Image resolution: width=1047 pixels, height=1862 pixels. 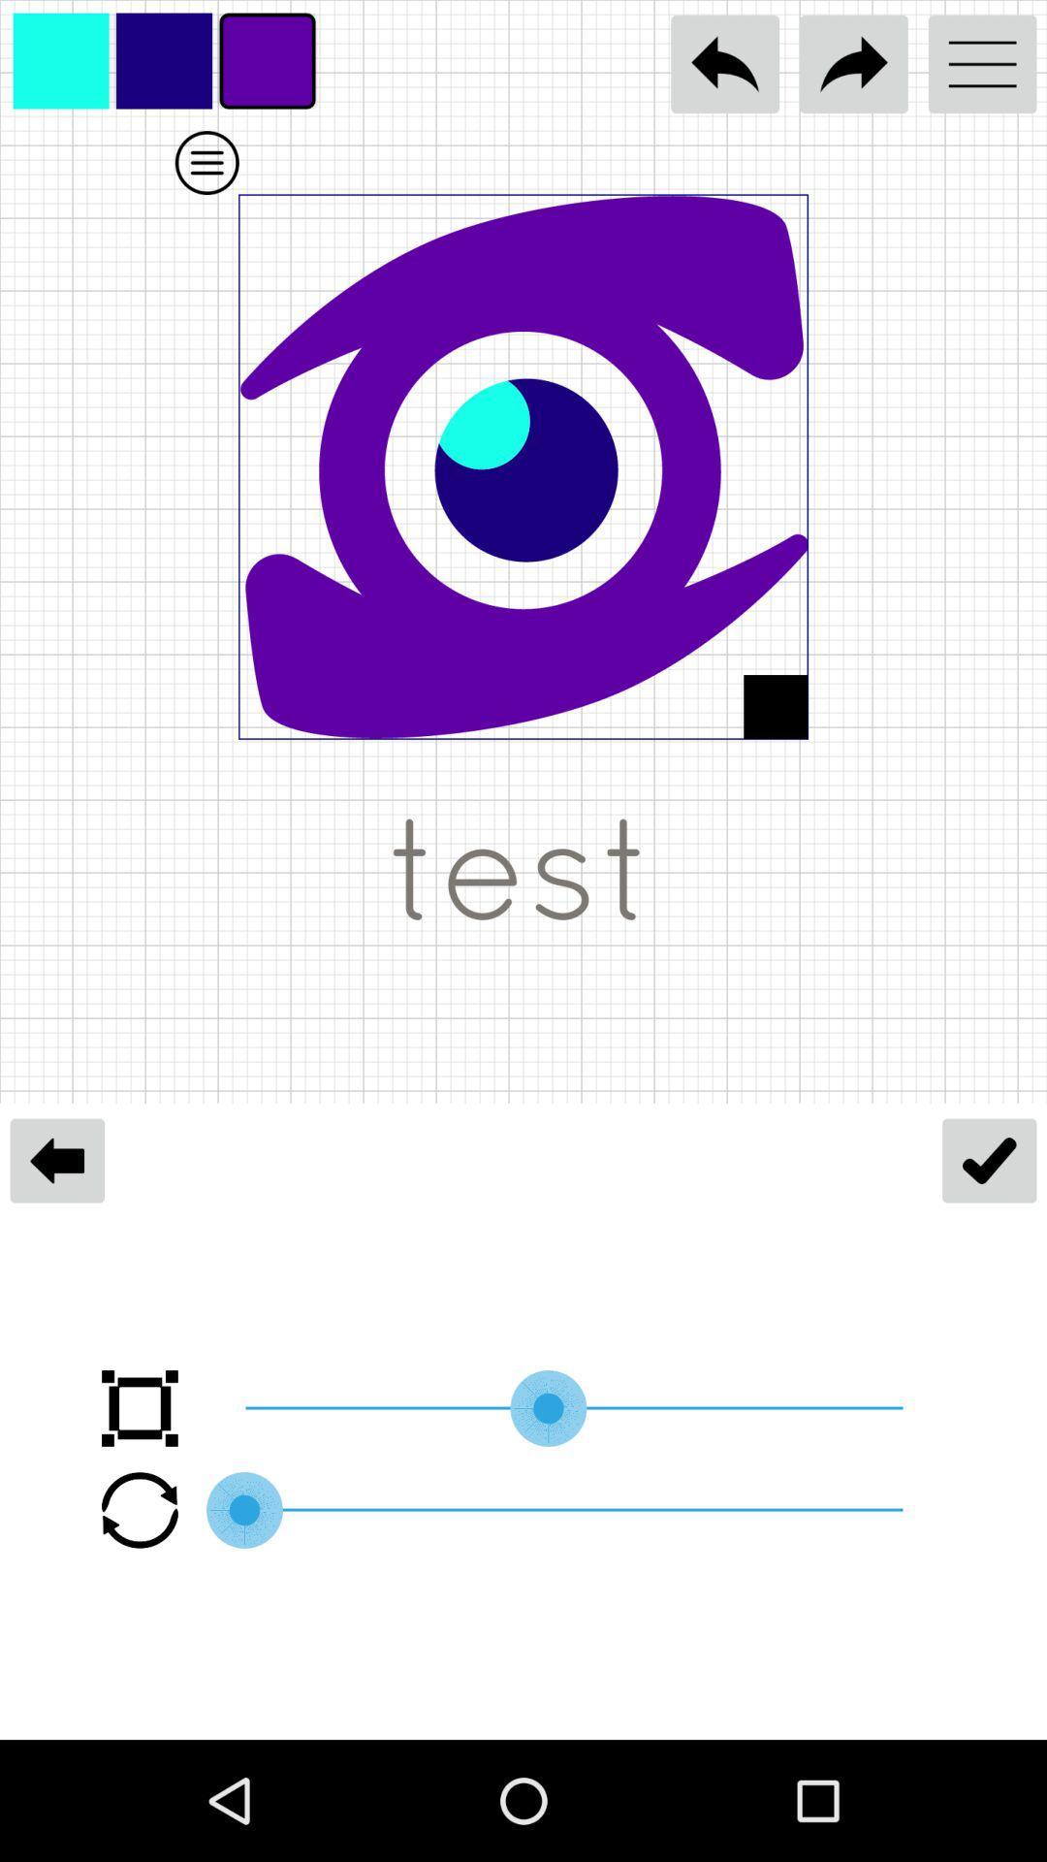 What do you see at coordinates (56, 1160) in the screenshot?
I see `the arrow_backward icon` at bounding box center [56, 1160].